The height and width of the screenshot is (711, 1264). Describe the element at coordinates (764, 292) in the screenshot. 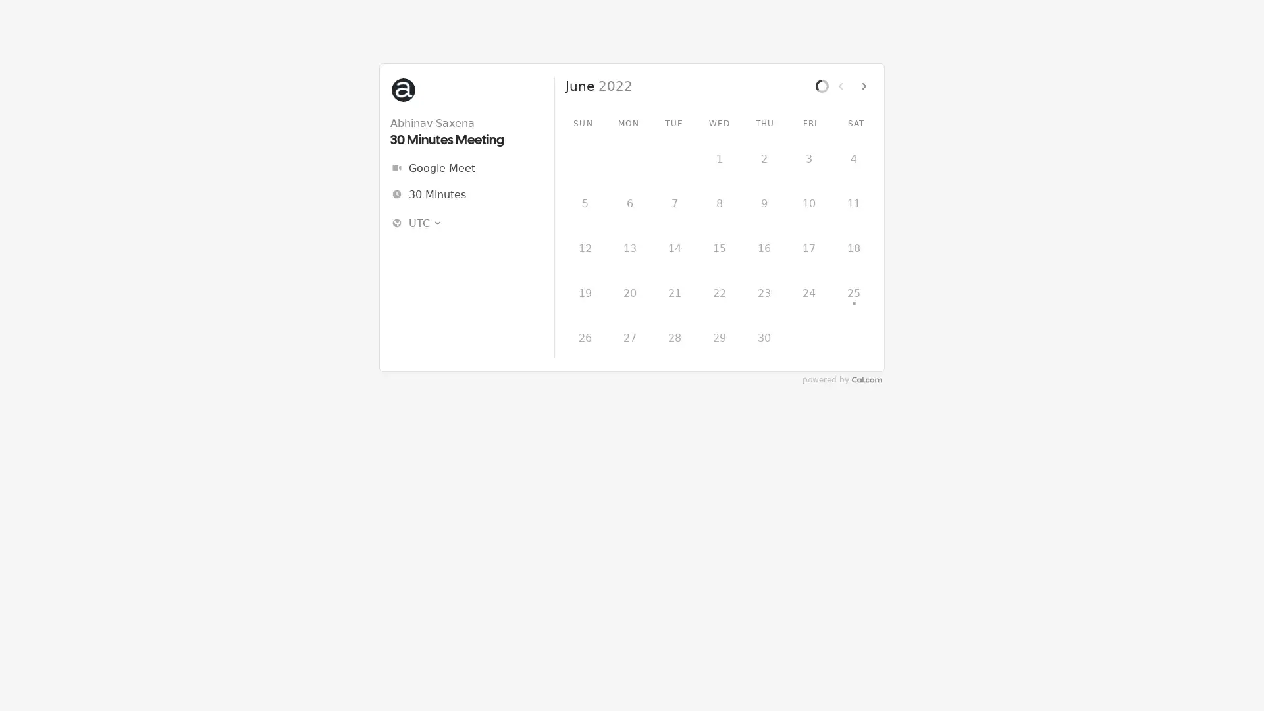

I see `23` at that location.